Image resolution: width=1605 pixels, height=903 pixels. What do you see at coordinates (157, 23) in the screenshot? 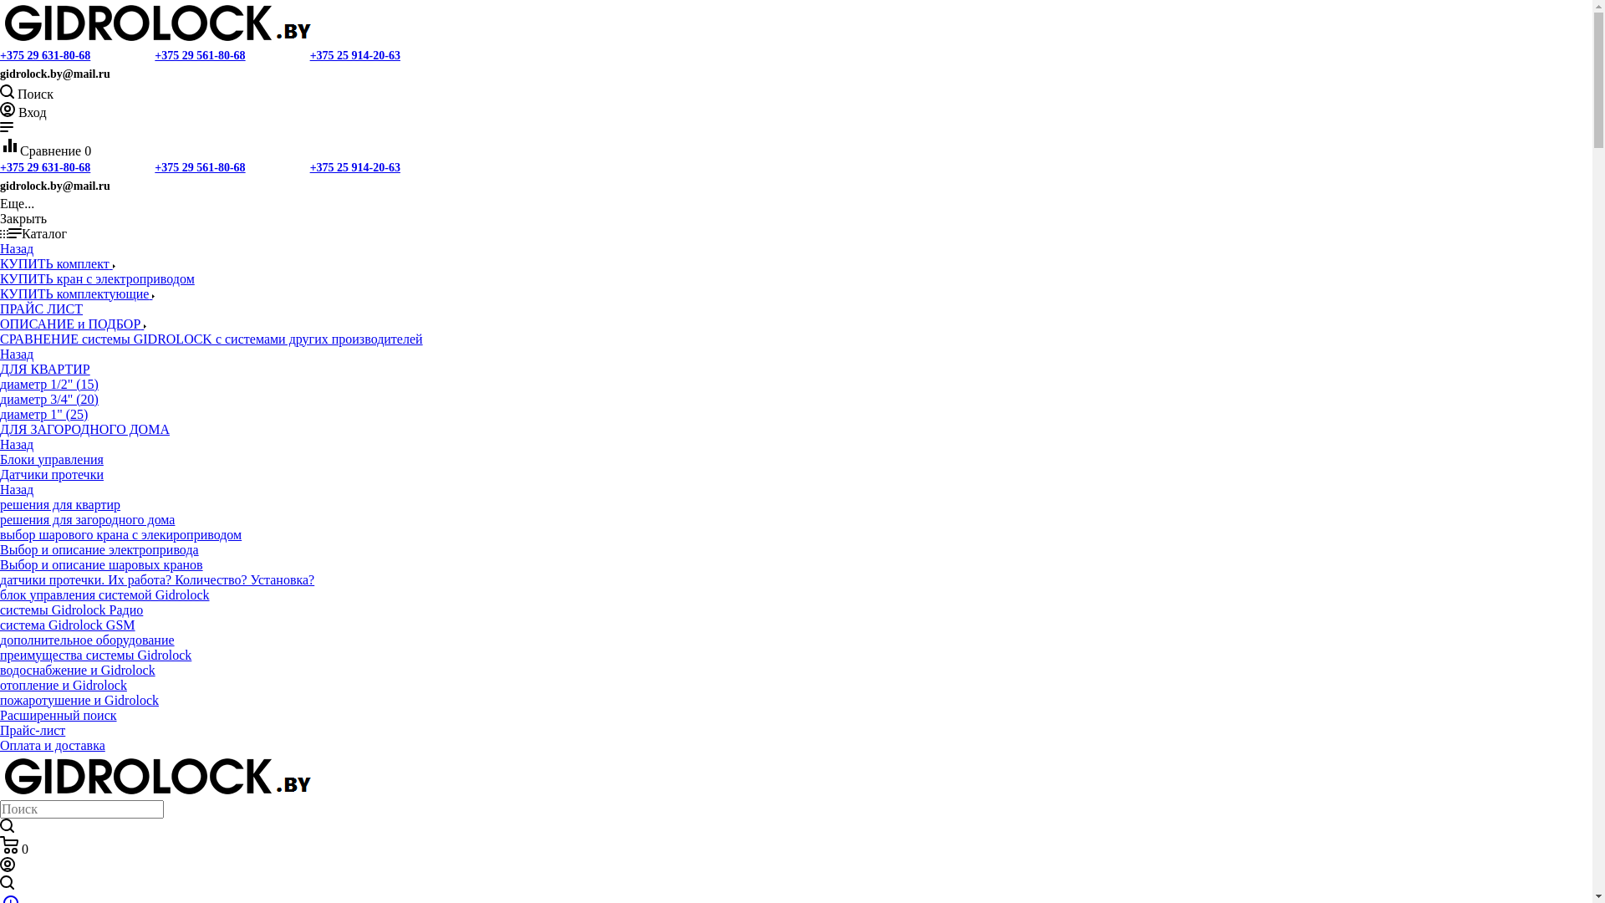
I see `'Gidrolock.by'` at bounding box center [157, 23].